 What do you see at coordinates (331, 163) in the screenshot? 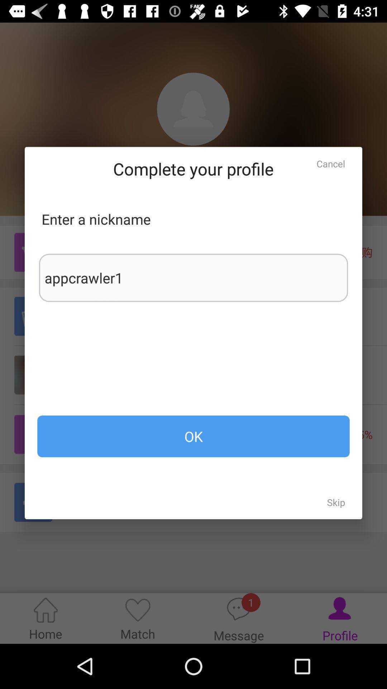
I see `item next to the complete your profile icon` at bounding box center [331, 163].